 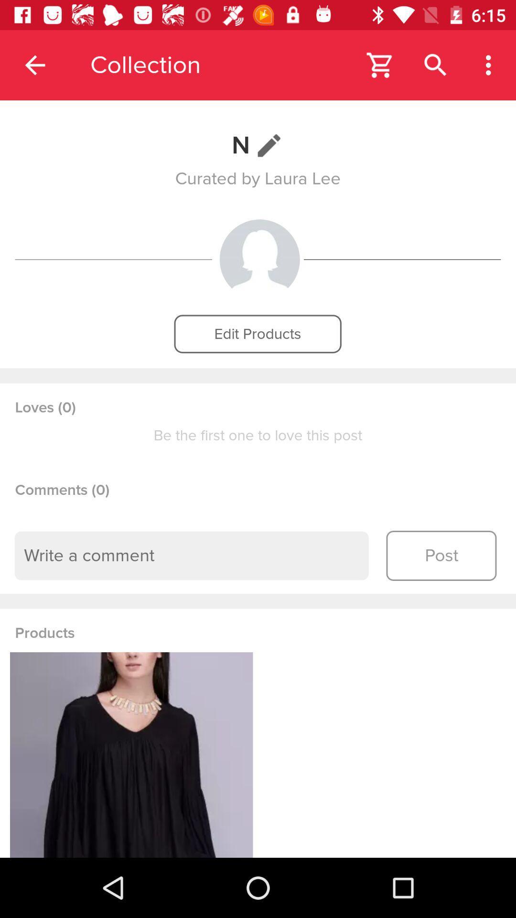 What do you see at coordinates (192, 556) in the screenshot?
I see `item next to the post icon` at bounding box center [192, 556].